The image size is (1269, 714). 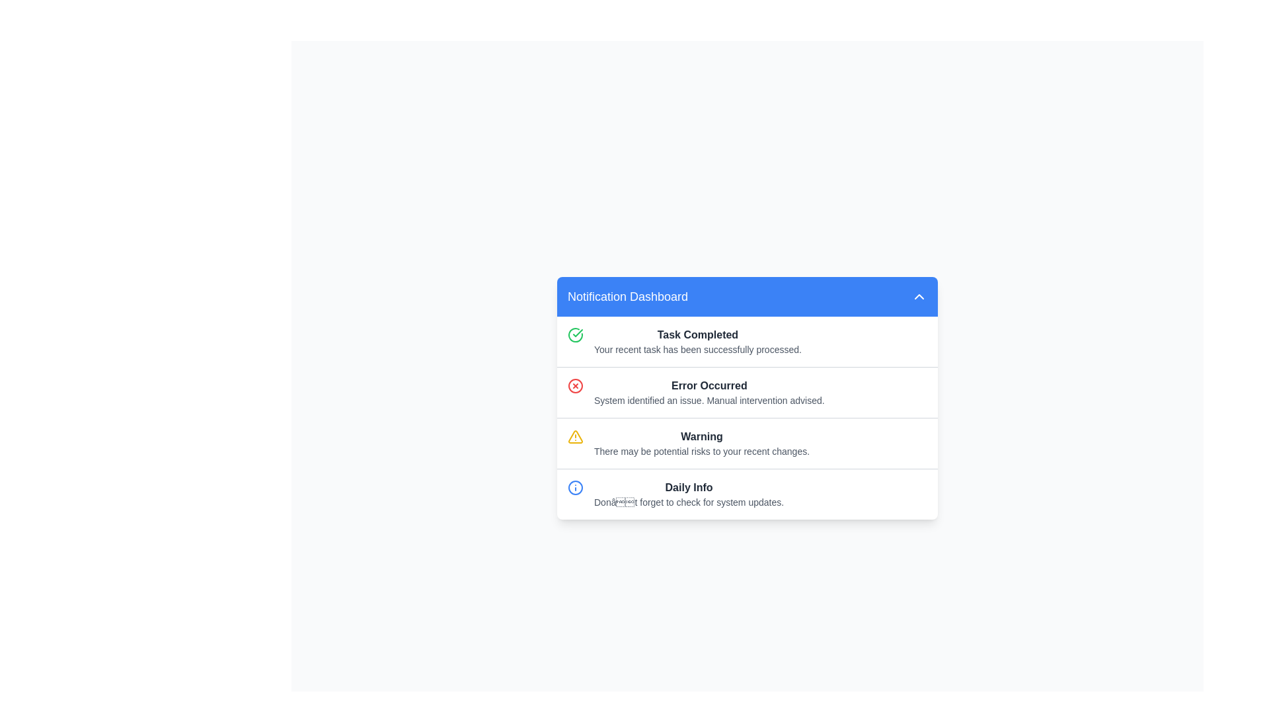 I want to click on text content of the first notification in the Notification Dashboard, which is indicated by a green checkmark icon to its left, so click(x=697, y=340).